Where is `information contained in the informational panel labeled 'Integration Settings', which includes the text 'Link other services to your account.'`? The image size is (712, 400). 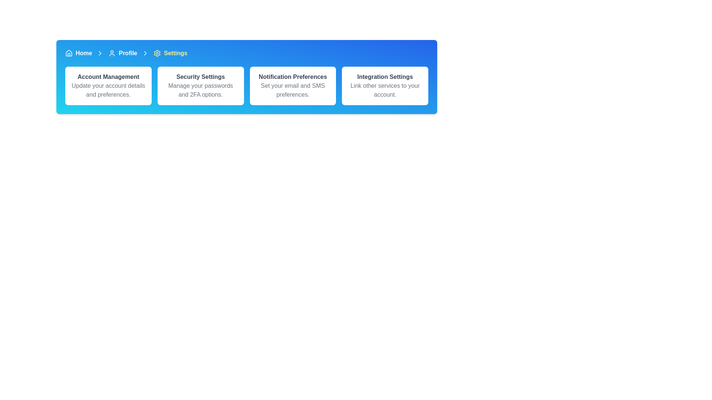
information contained in the informational panel labeled 'Integration Settings', which includes the text 'Link other services to your account.' is located at coordinates (385, 85).